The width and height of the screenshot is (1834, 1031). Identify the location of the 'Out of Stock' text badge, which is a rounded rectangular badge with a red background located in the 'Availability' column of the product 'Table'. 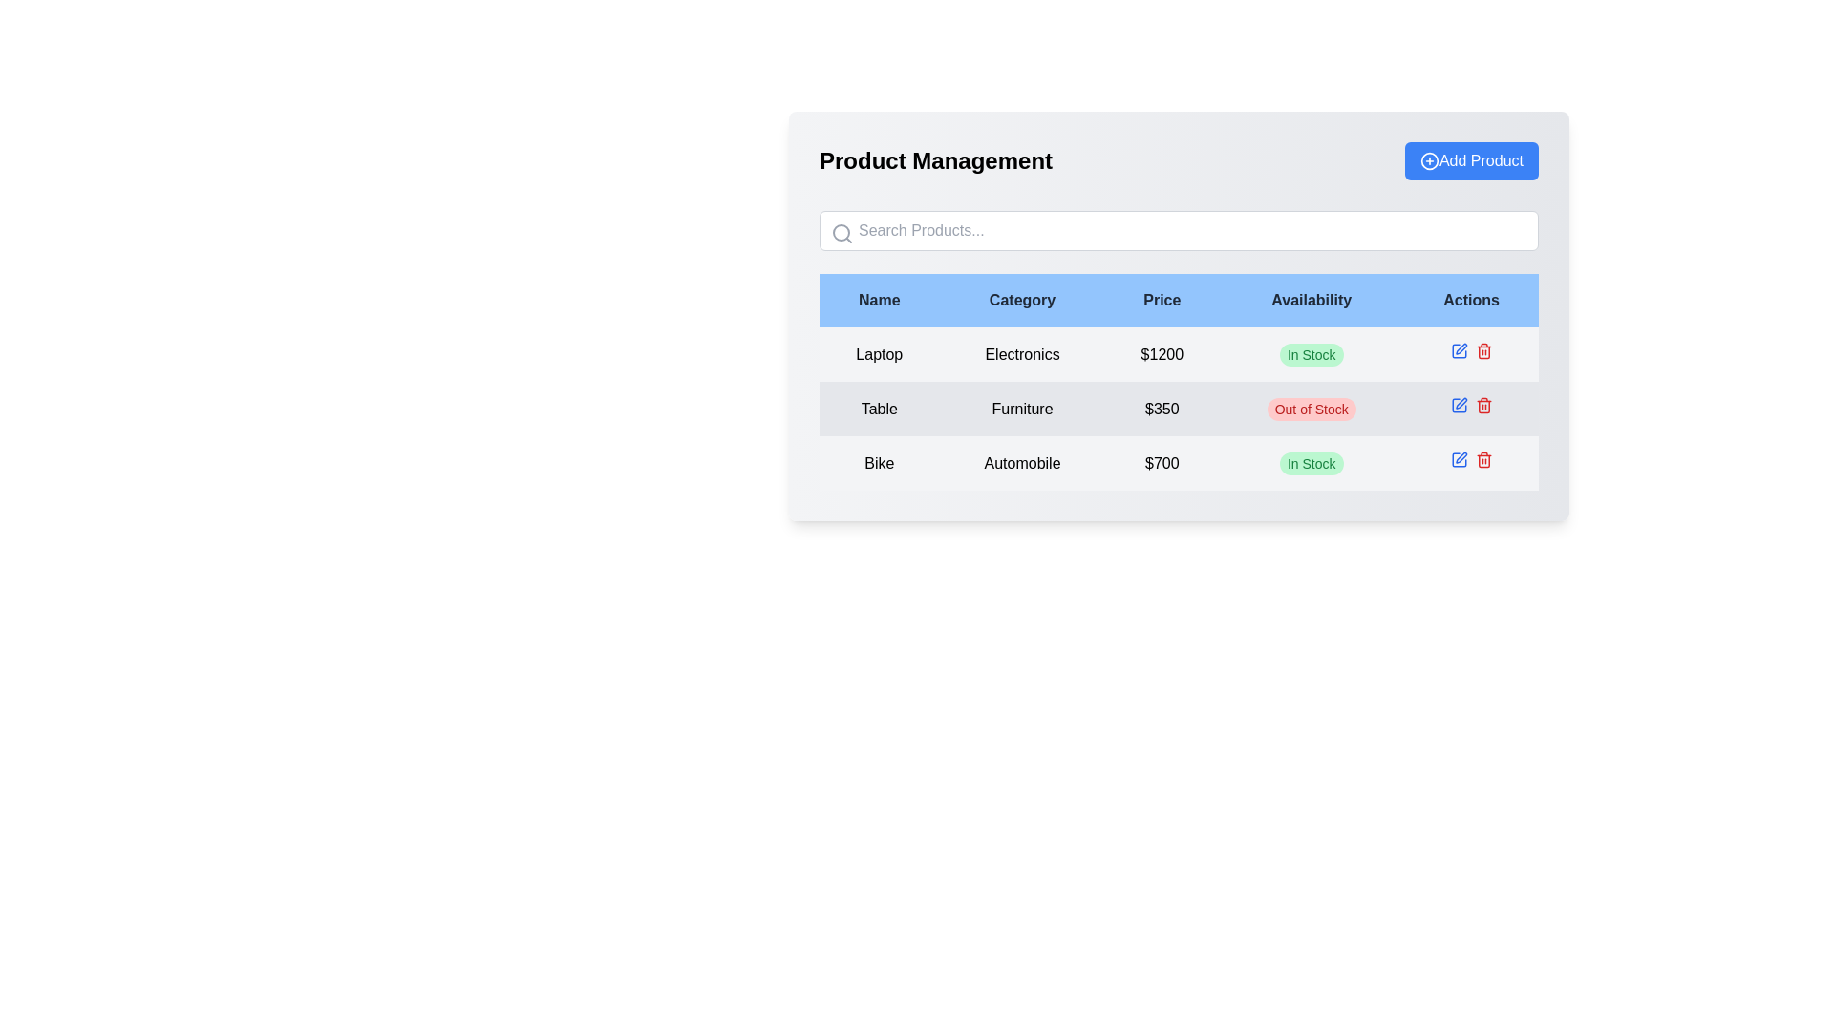
(1311, 408).